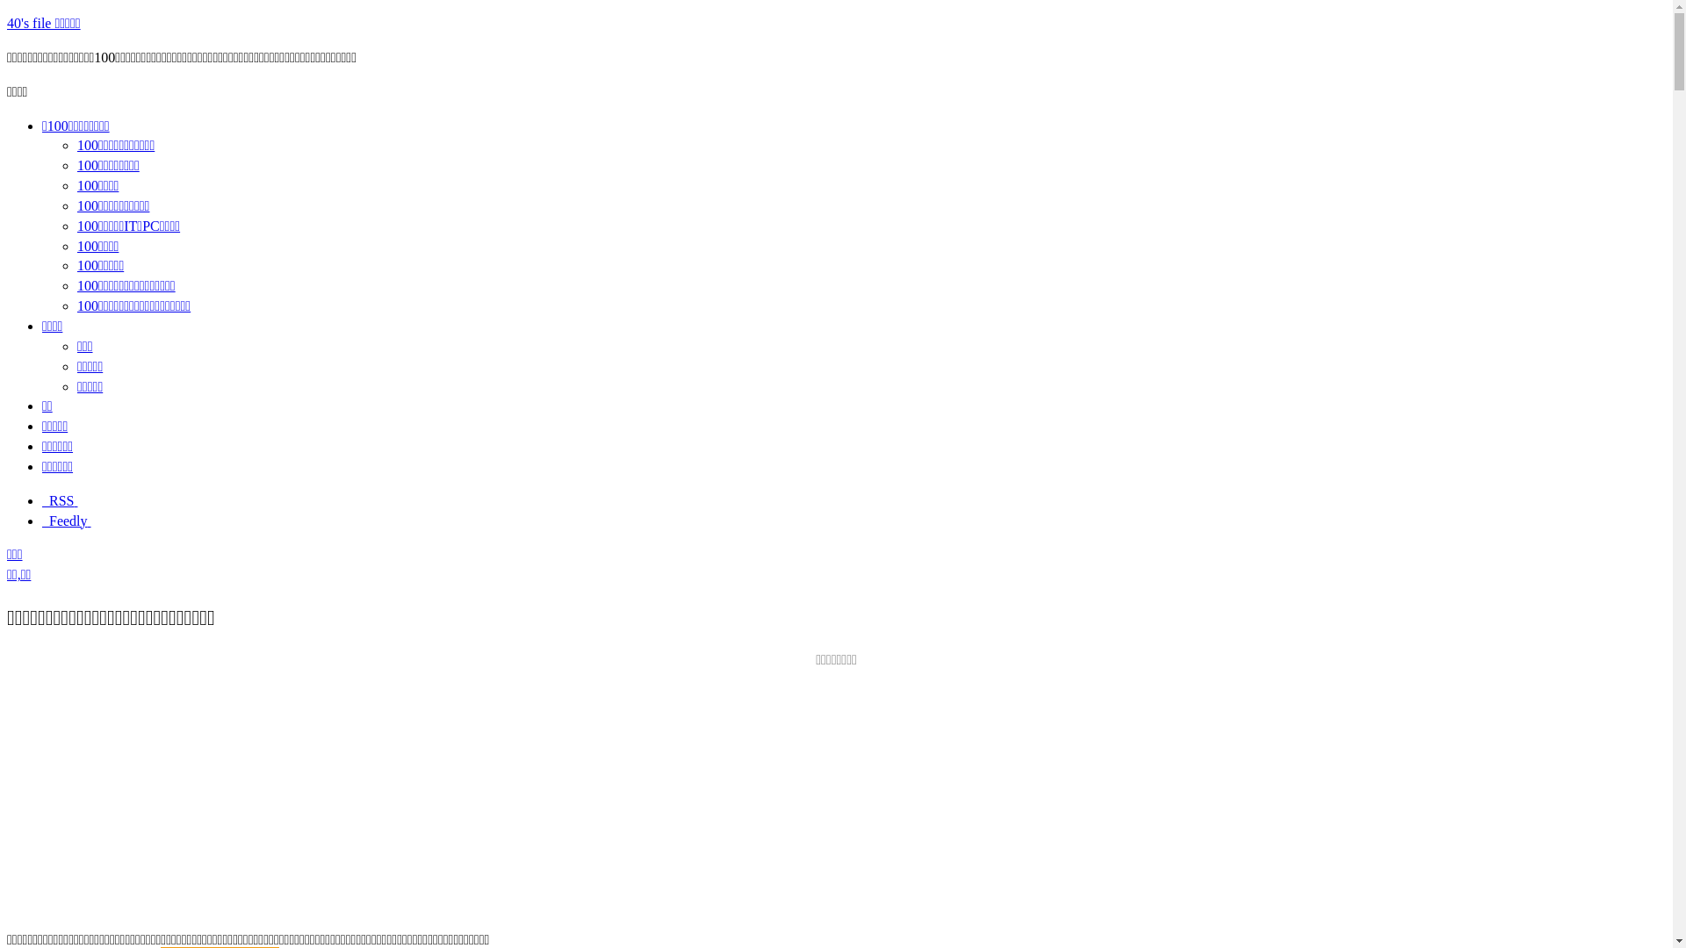 The width and height of the screenshot is (1686, 948). What do you see at coordinates (59, 500) in the screenshot?
I see `'  RSS '` at bounding box center [59, 500].